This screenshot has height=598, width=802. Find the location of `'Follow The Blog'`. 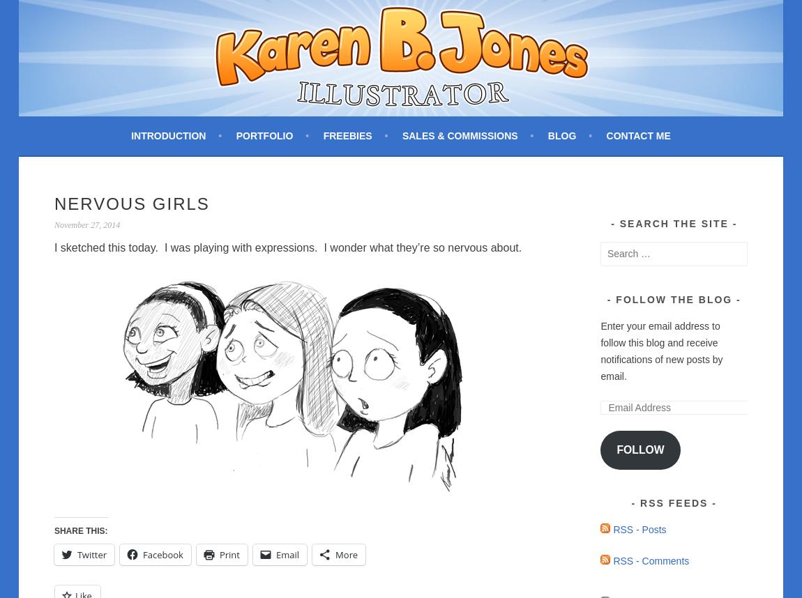

'Follow The Blog' is located at coordinates (674, 299).